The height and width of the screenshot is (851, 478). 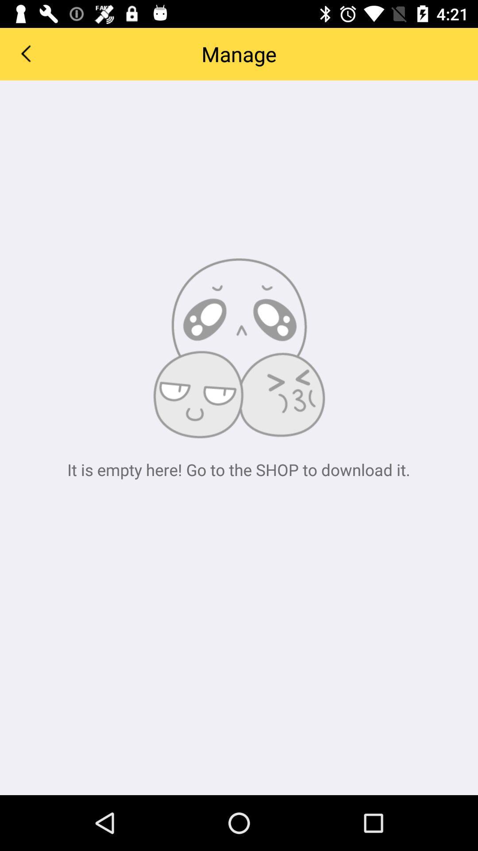 I want to click on the arrow_backward icon, so click(x=25, y=53).